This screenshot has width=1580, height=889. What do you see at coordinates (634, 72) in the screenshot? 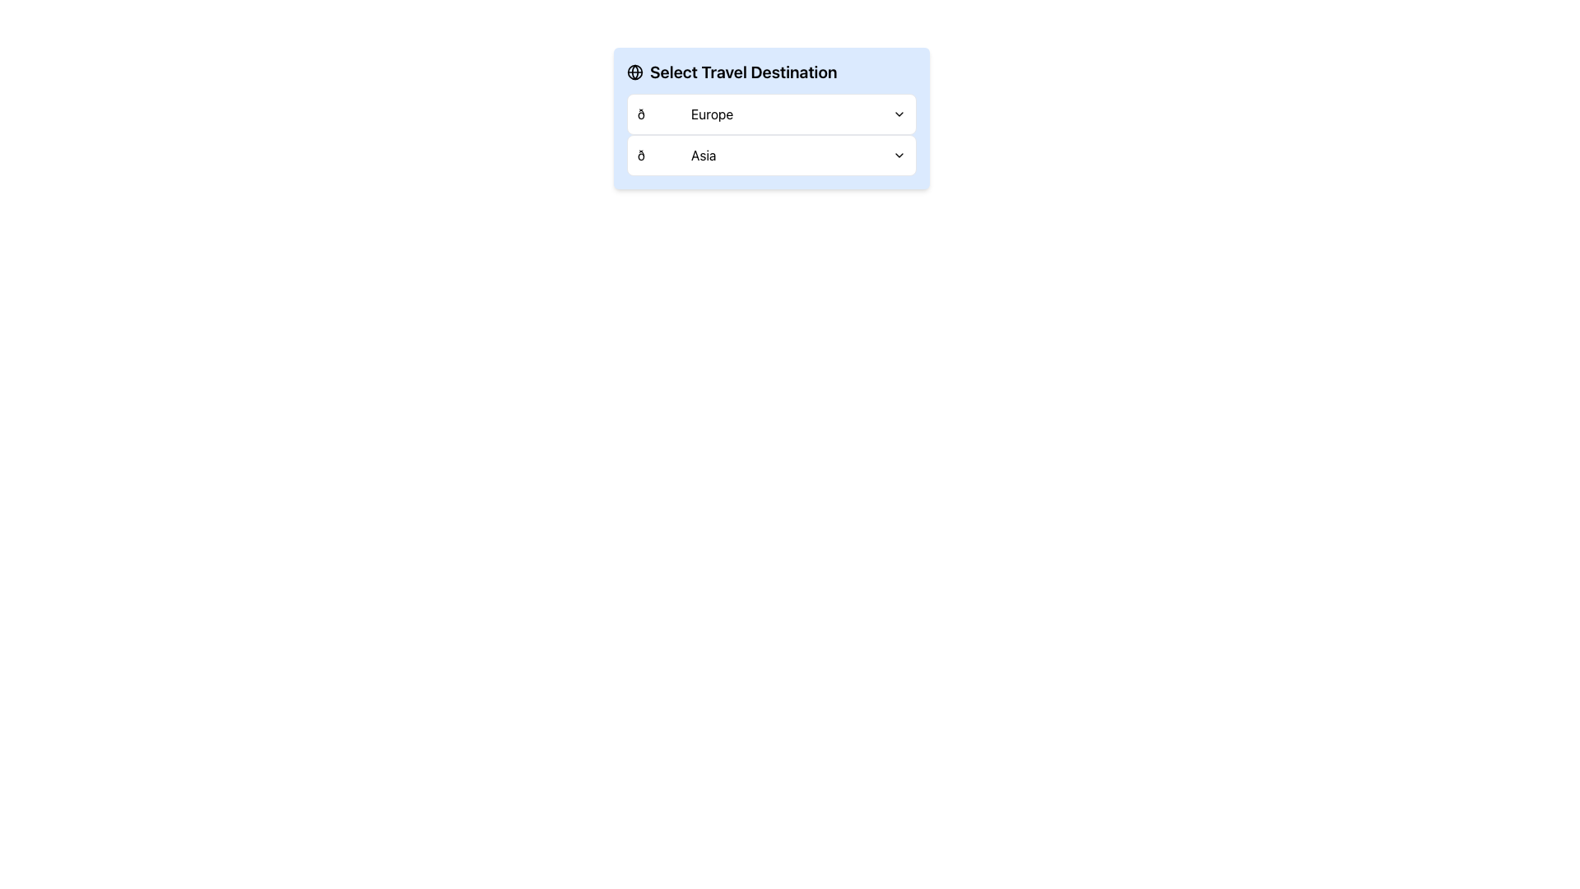
I see `the circular globe icon outlined in black, which features latitude and longitude lines, located within the 'Select Travel Destination' group for additional actions or information` at bounding box center [634, 72].